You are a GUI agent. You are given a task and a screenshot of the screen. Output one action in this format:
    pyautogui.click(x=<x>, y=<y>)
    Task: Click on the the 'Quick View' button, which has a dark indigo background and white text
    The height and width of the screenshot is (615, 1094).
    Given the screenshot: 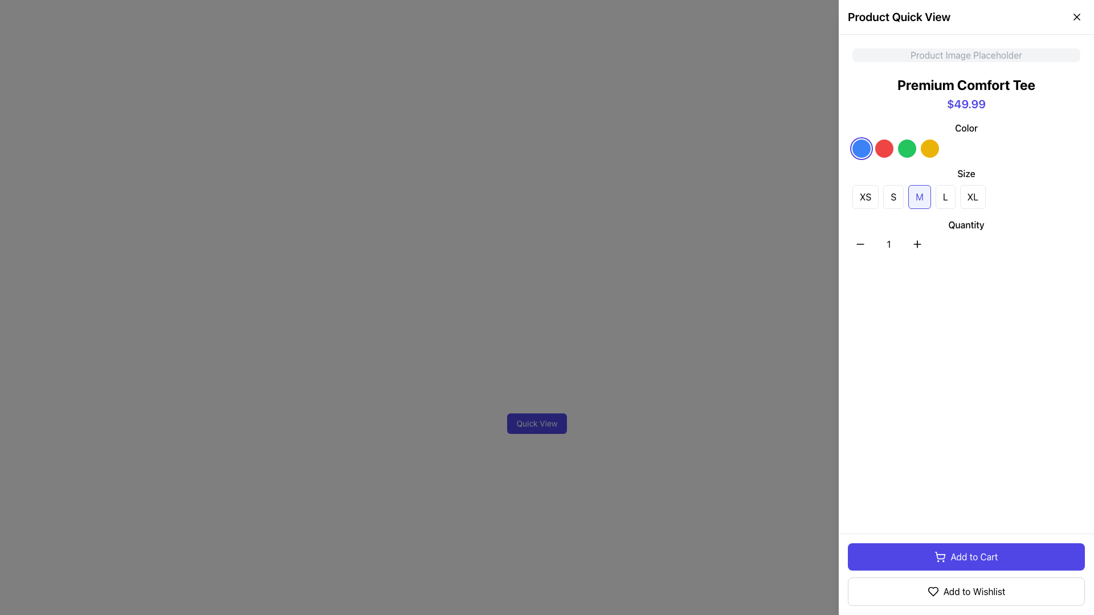 What is the action you would take?
    pyautogui.click(x=536, y=424)
    